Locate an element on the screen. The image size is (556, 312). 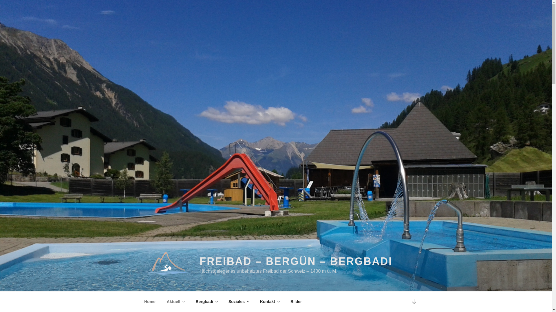
'Zum Inhalt nach unten scrollen' is located at coordinates (407, 301).